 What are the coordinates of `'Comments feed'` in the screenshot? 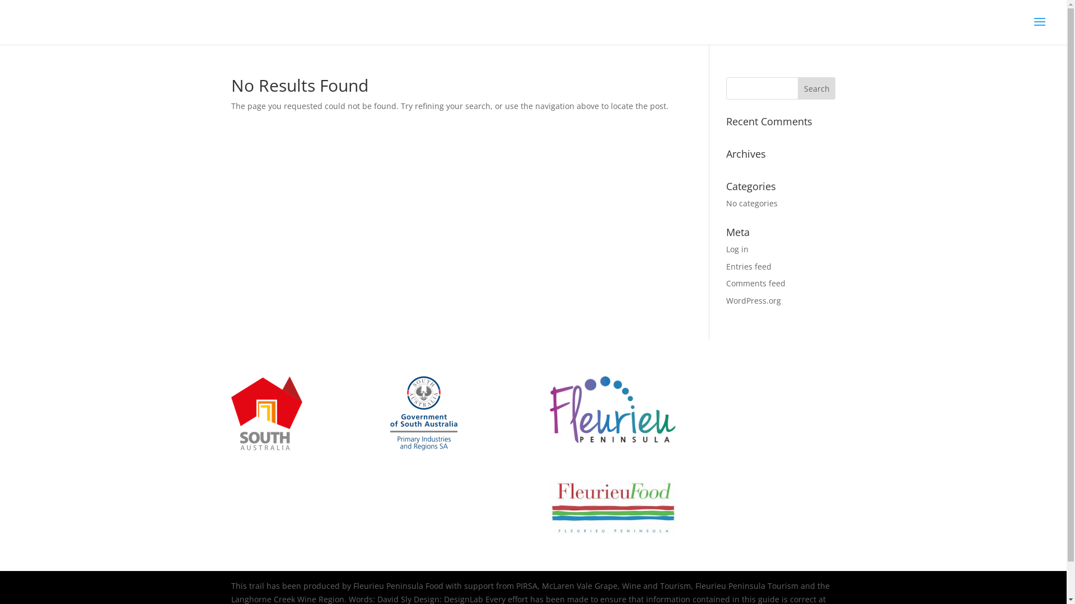 It's located at (755, 282).